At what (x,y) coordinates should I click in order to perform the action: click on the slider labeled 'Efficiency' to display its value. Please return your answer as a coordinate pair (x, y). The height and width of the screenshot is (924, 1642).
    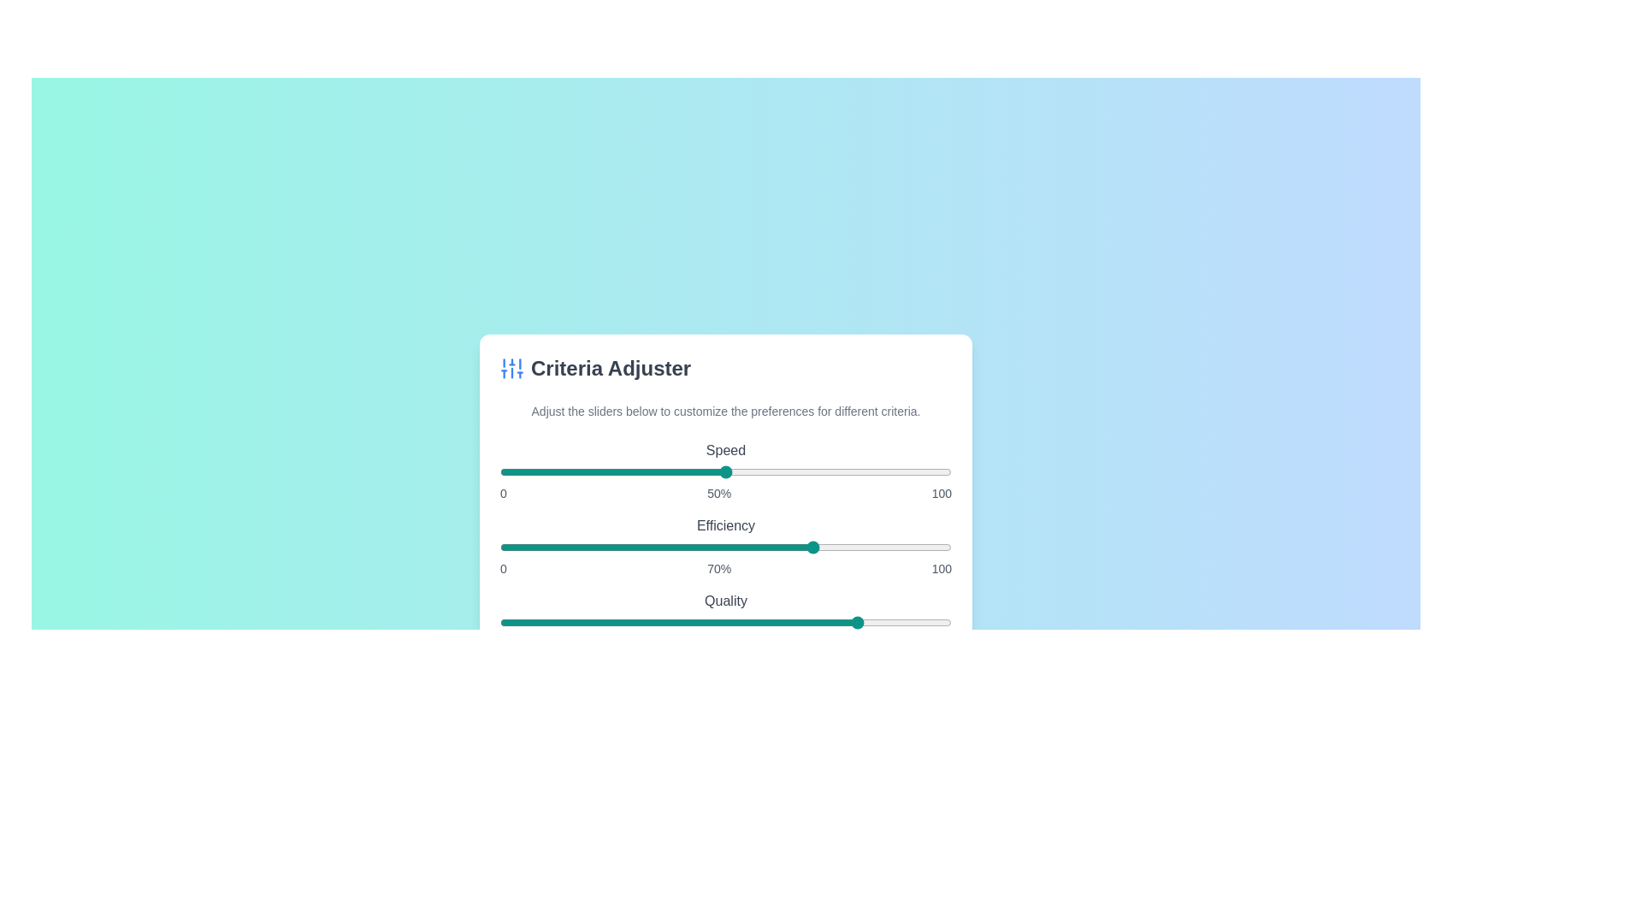
    Looking at the image, I should click on (726, 548).